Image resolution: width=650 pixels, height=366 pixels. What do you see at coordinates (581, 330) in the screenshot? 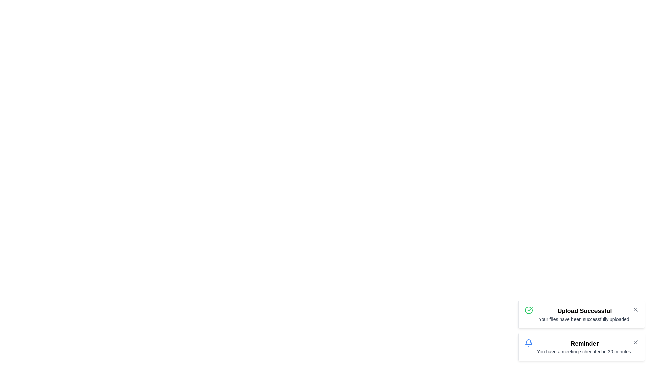
I see `the notification list vertically by 0 pixels` at bounding box center [581, 330].